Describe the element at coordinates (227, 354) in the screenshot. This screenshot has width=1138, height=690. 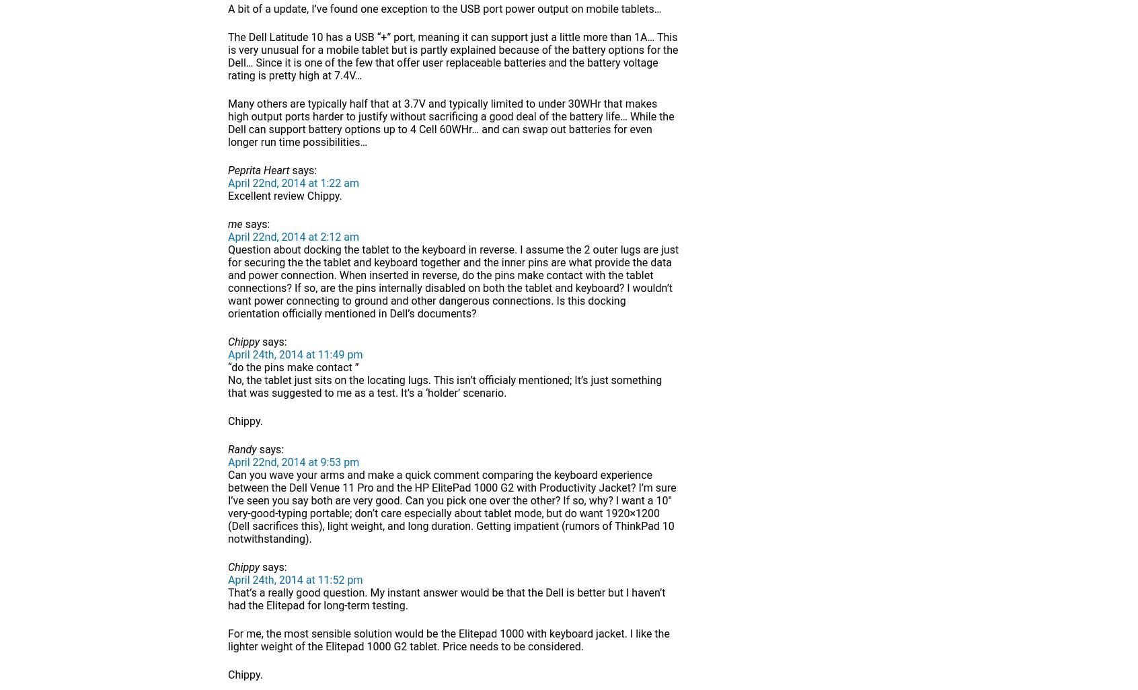
I see `'April 24th, 2014 at 11:49 pm'` at that location.